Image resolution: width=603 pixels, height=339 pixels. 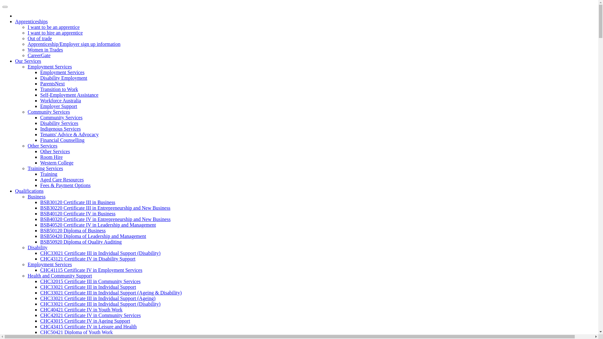 What do you see at coordinates (28, 61) in the screenshot?
I see `'Our Services'` at bounding box center [28, 61].